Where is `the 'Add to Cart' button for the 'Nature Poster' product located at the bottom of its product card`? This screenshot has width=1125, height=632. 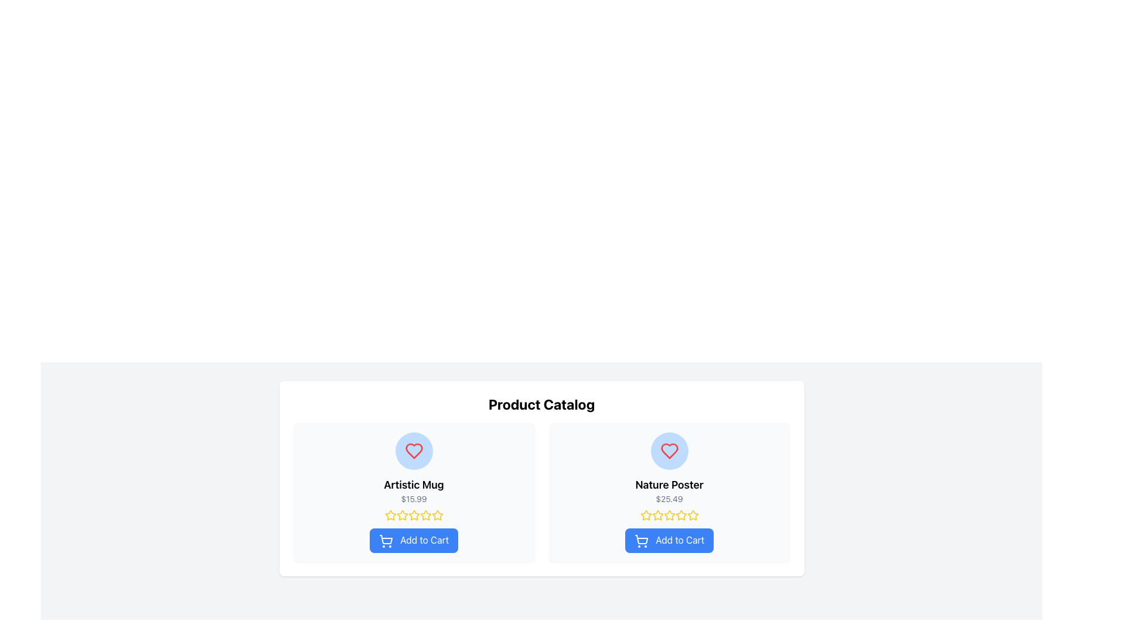 the 'Add to Cart' button for the 'Nature Poster' product located at the bottom of its product card is located at coordinates (669, 540).